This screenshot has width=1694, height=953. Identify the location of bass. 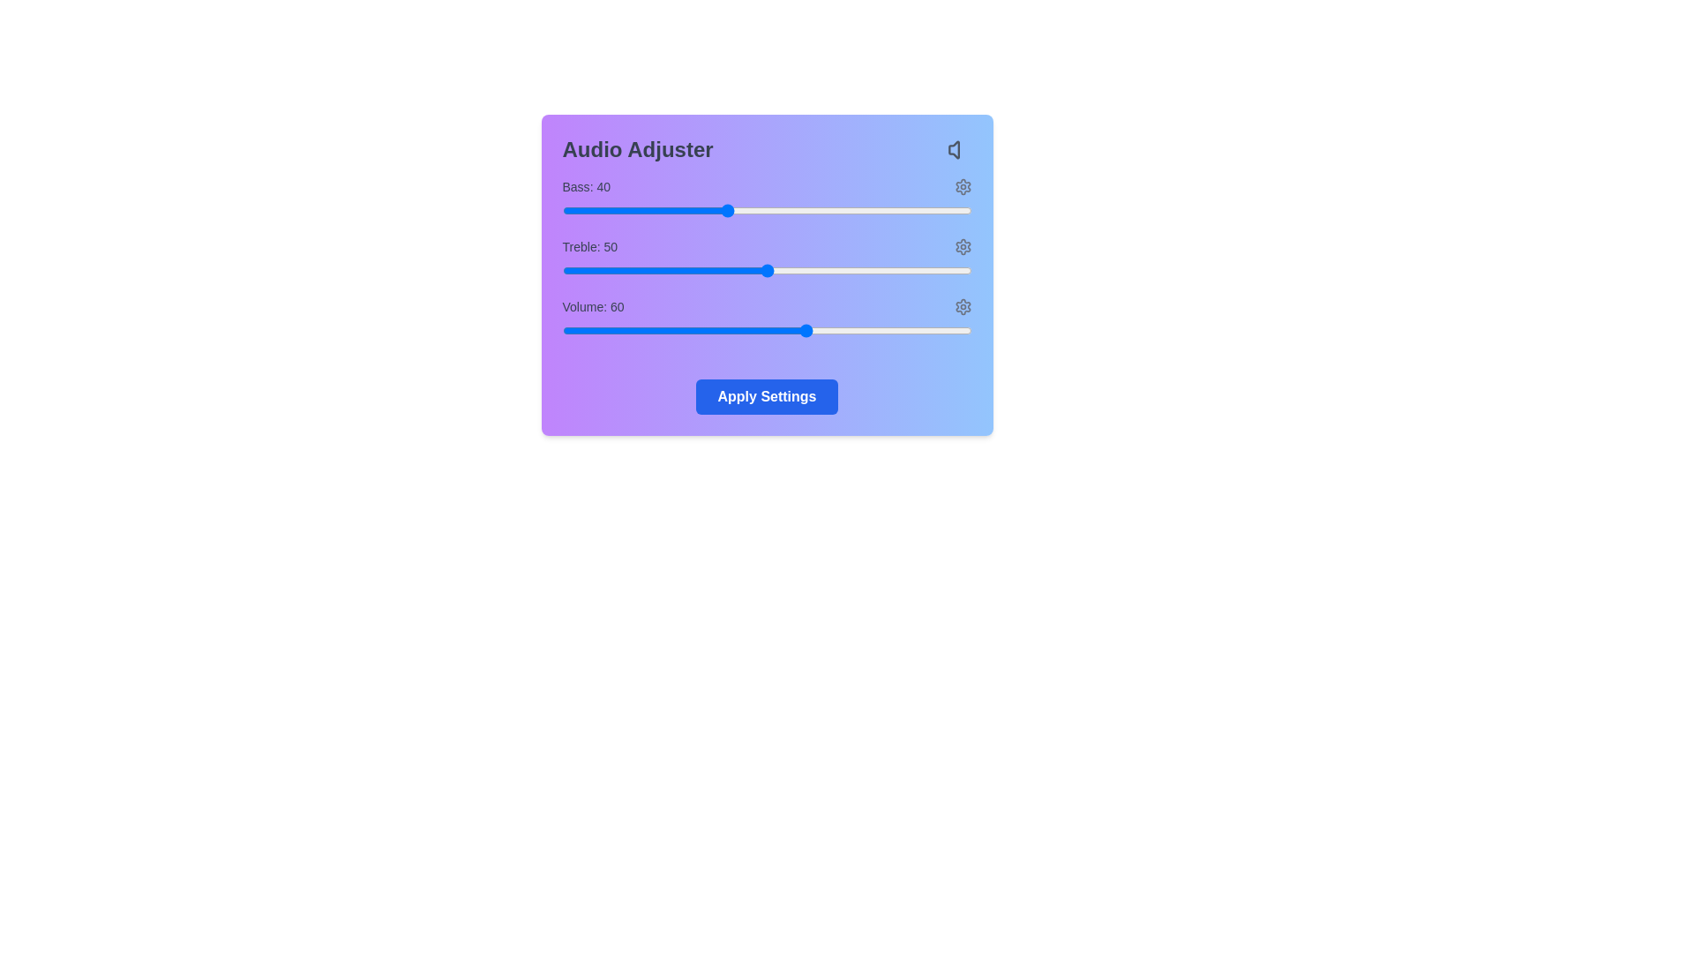
(643, 203).